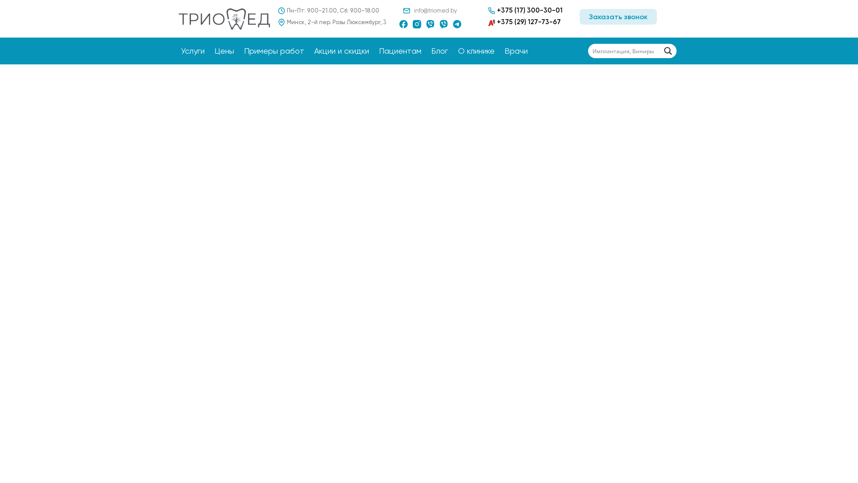 The width and height of the screenshot is (858, 483). Describe the element at coordinates (524, 21) in the screenshot. I see `'+375 (29) 127-73-67'` at that location.